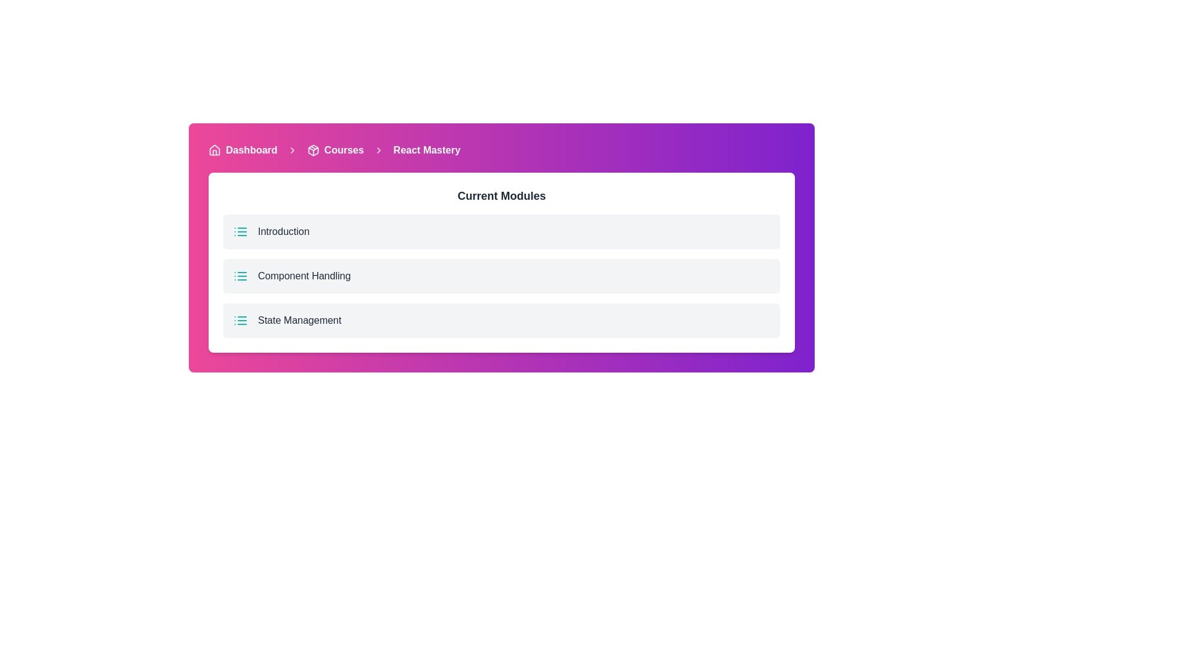  I want to click on the second item in the vertical list titled 'Current Modules', which is a static informational module located within a white card, positioned between 'Introduction' above and 'State Management' below, so click(501, 261).